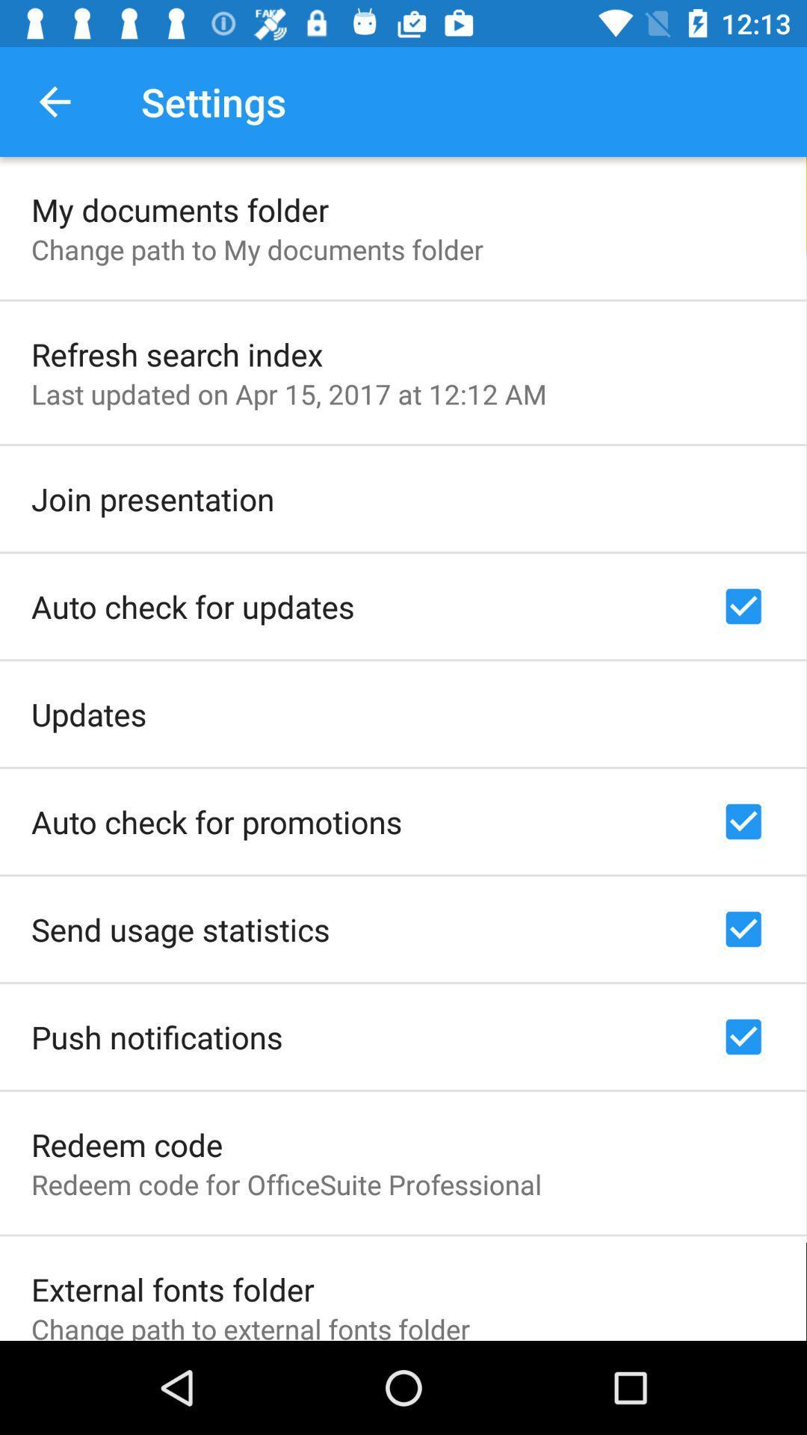 The image size is (807, 1435). I want to click on go back, so click(54, 101).